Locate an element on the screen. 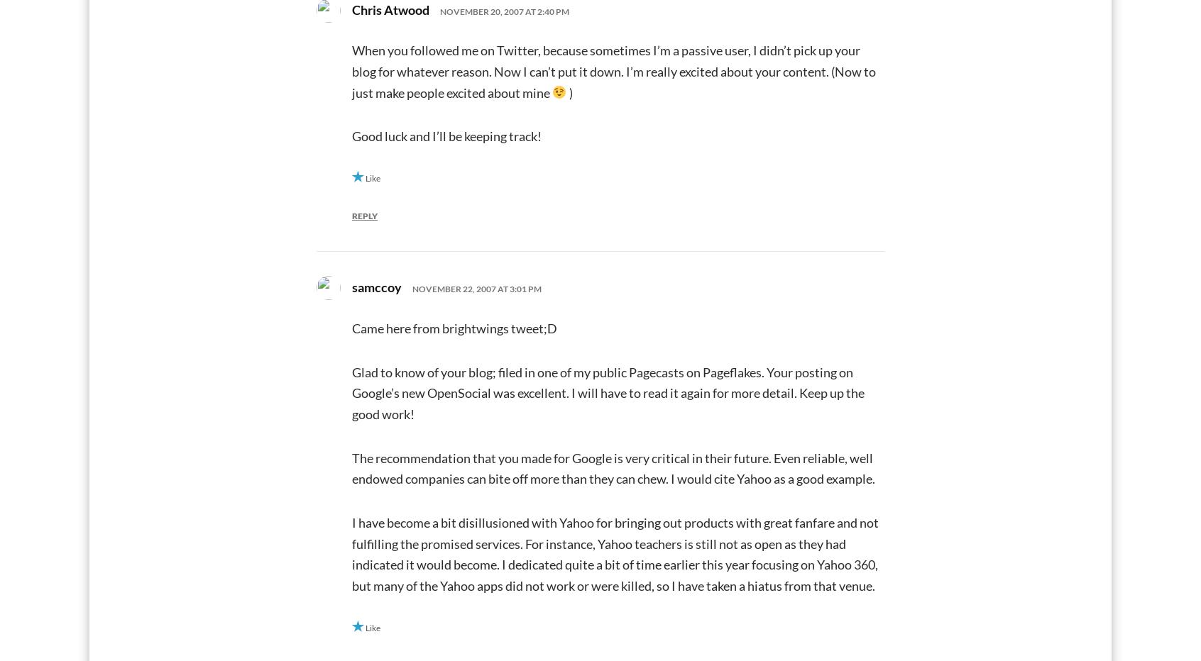  'November 22, 2007 at 3:01 pm' is located at coordinates (477, 288).